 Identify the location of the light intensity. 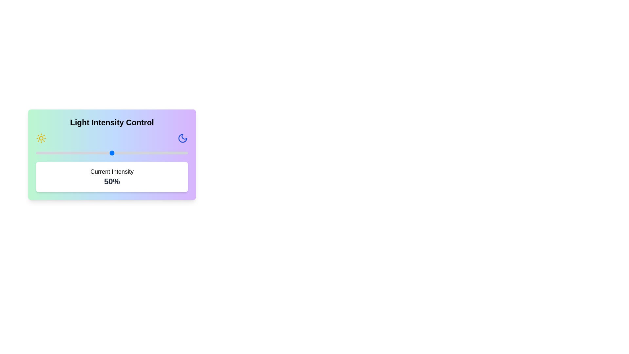
(43, 153).